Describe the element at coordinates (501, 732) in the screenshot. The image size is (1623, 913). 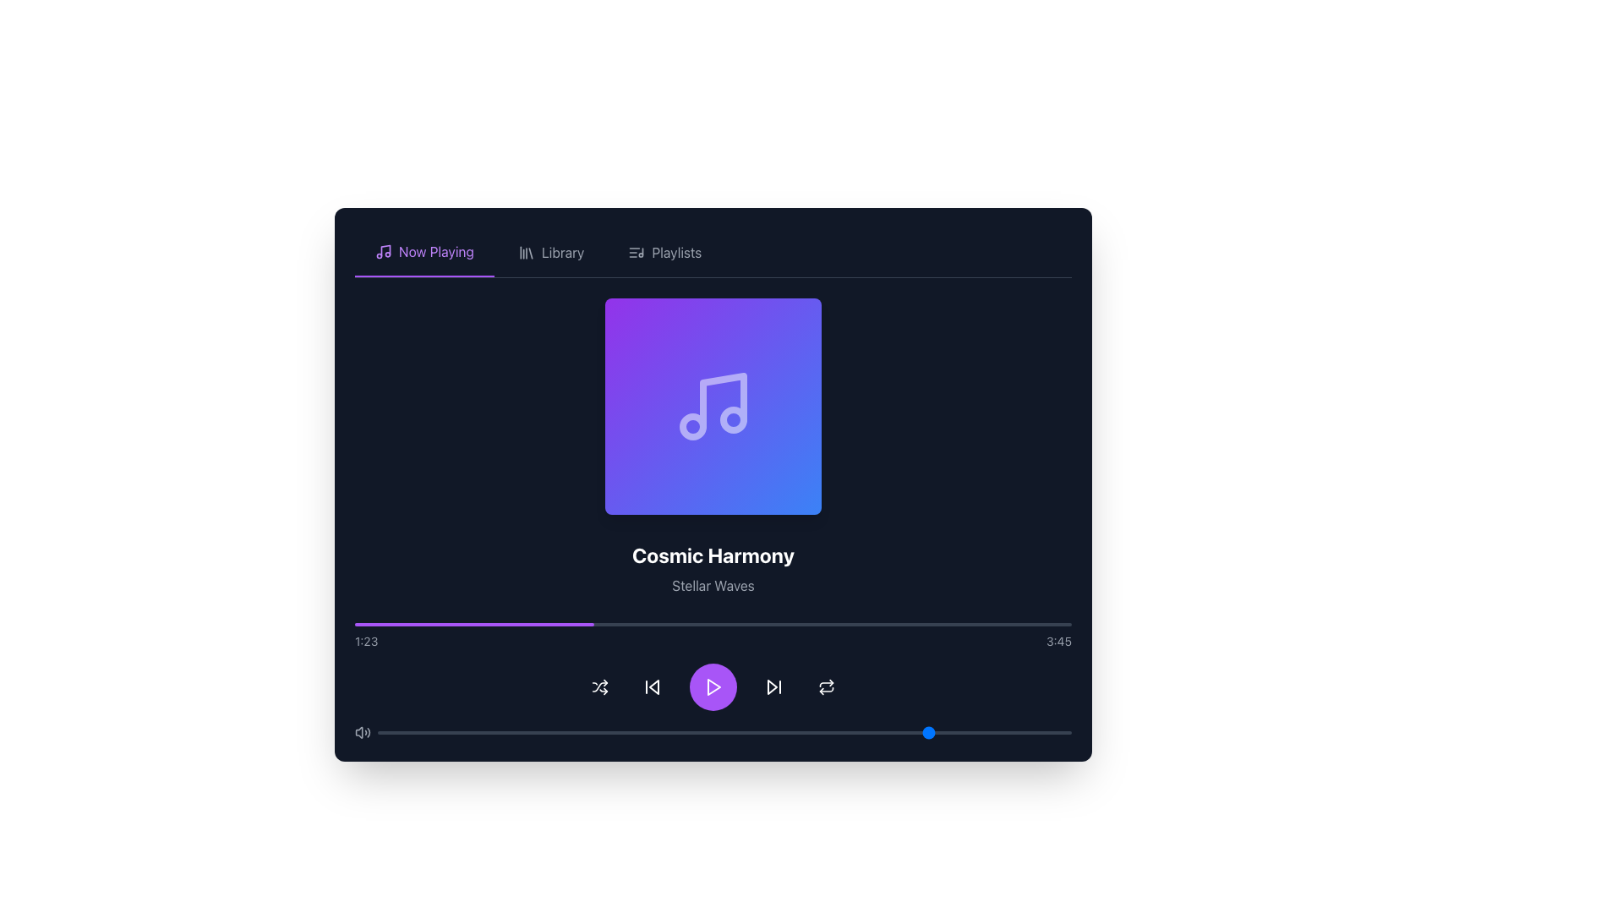
I see `the slider` at that location.